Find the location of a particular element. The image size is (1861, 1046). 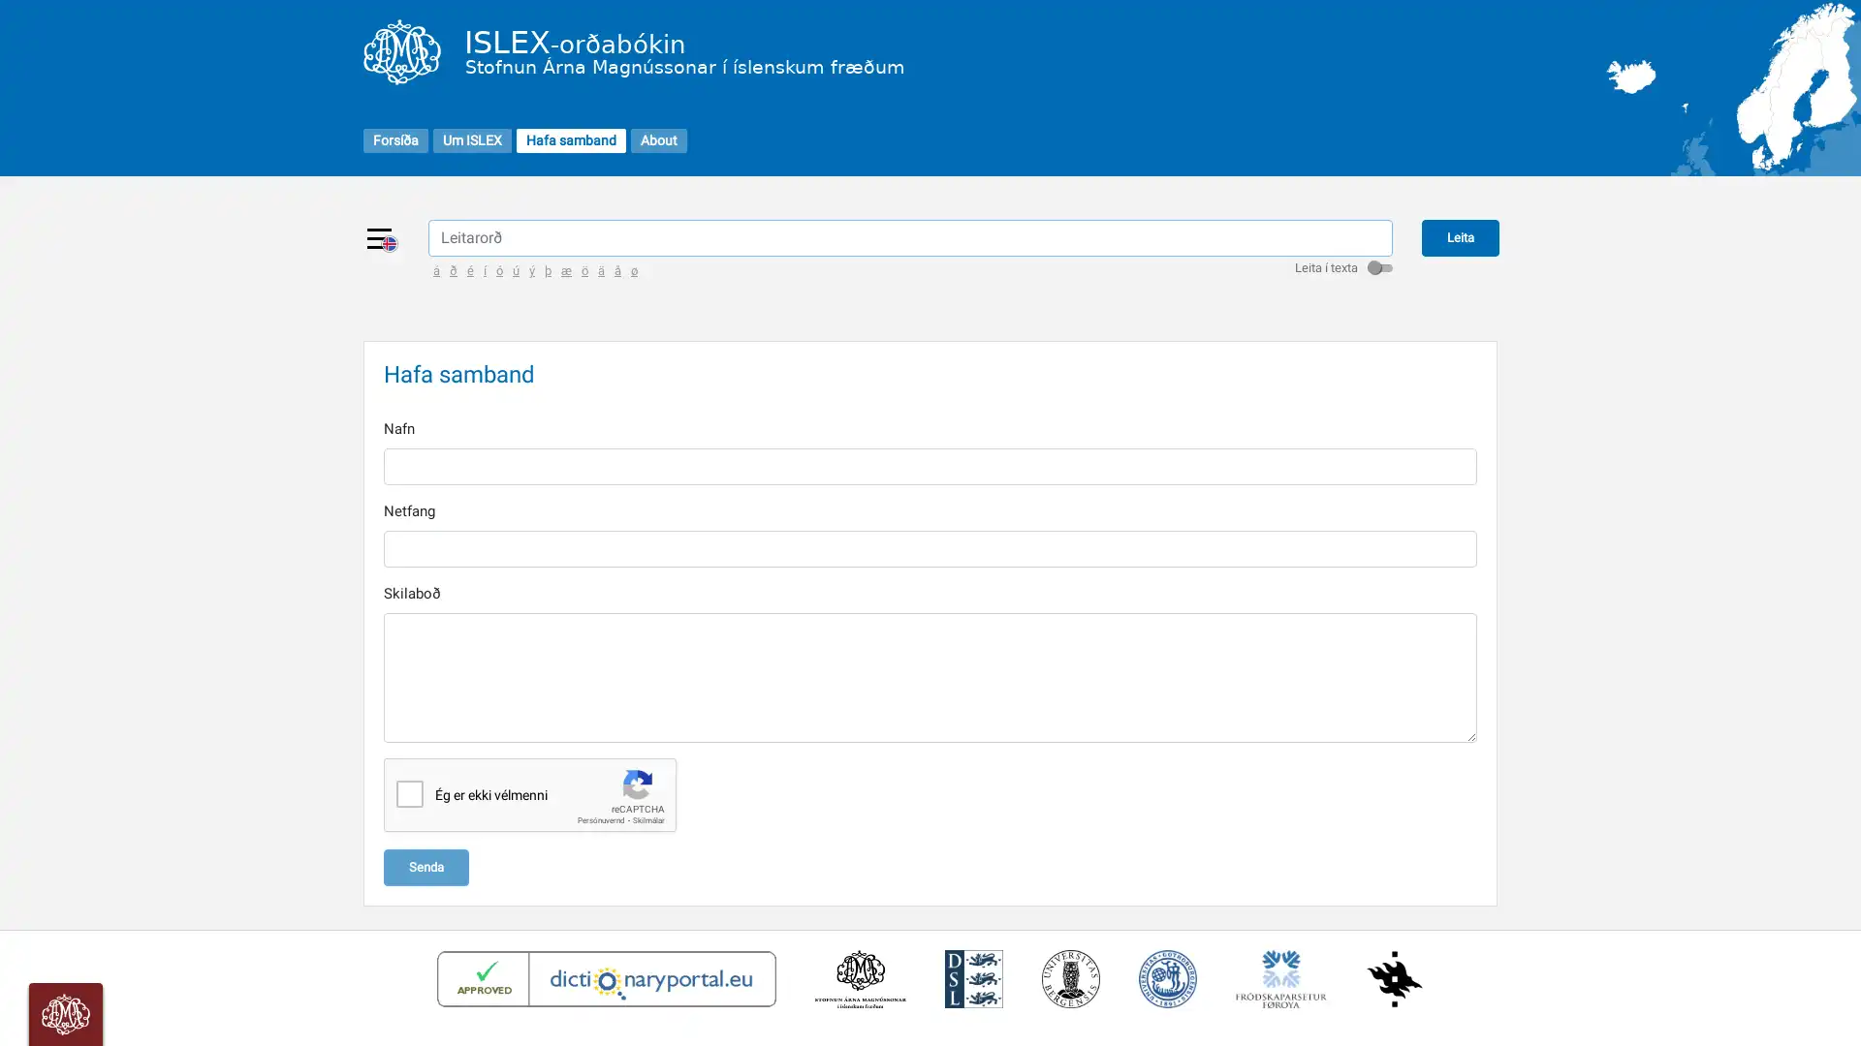

Senda is located at coordinates (426, 865).